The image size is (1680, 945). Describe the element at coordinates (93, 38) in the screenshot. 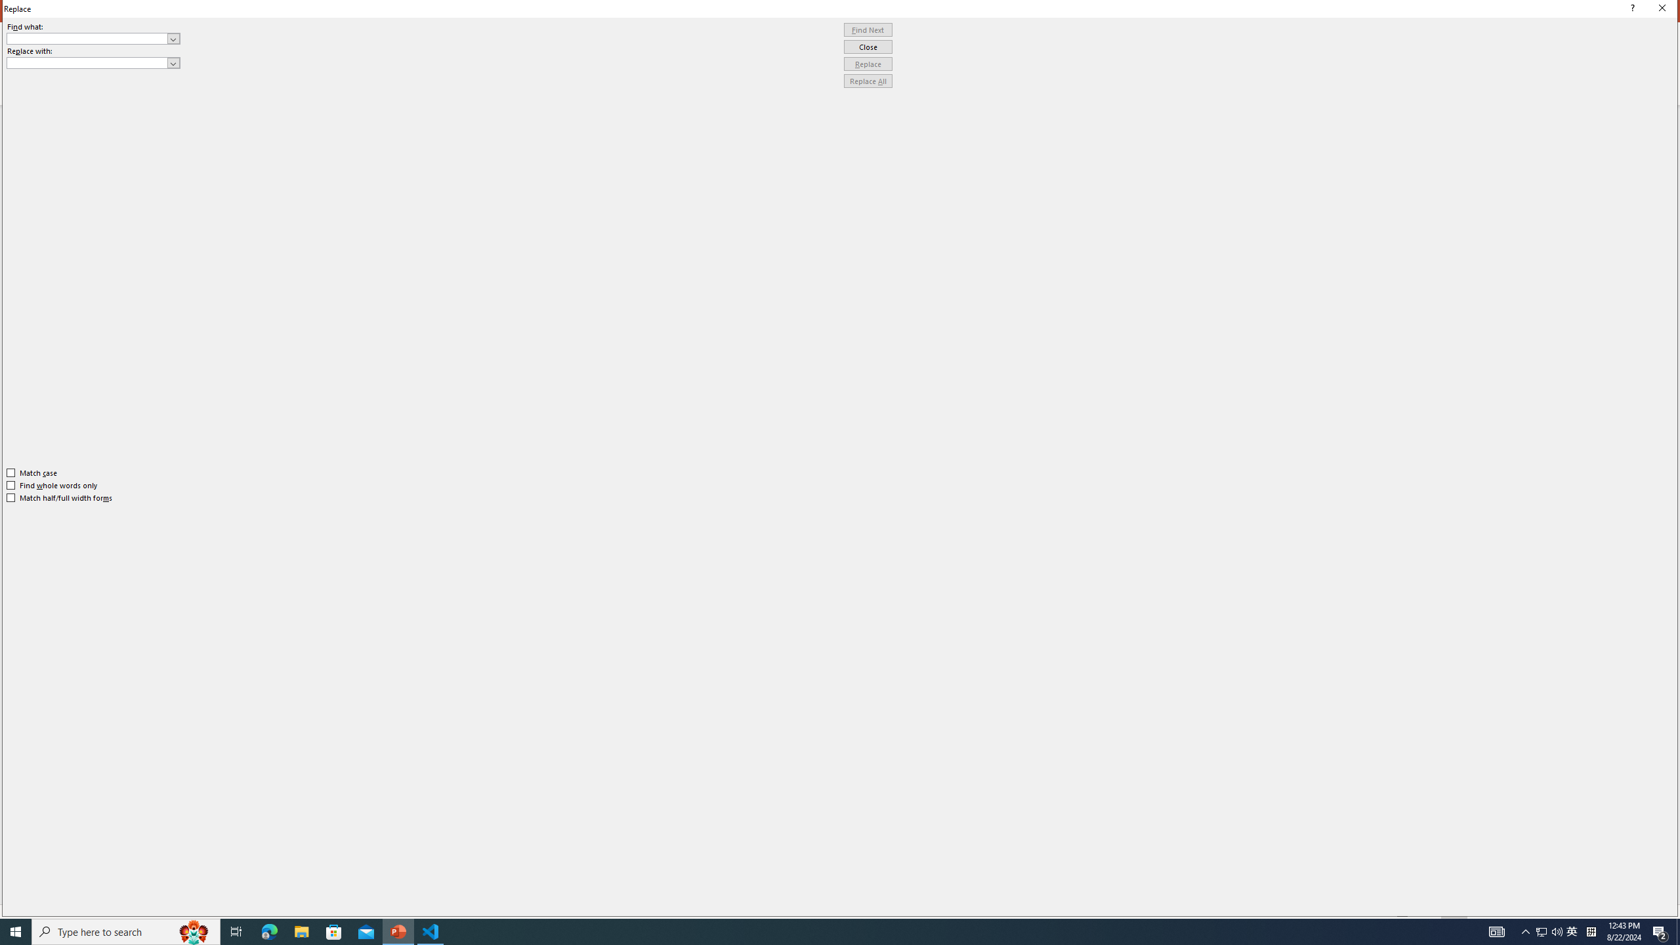

I see `'Find what'` at that location.